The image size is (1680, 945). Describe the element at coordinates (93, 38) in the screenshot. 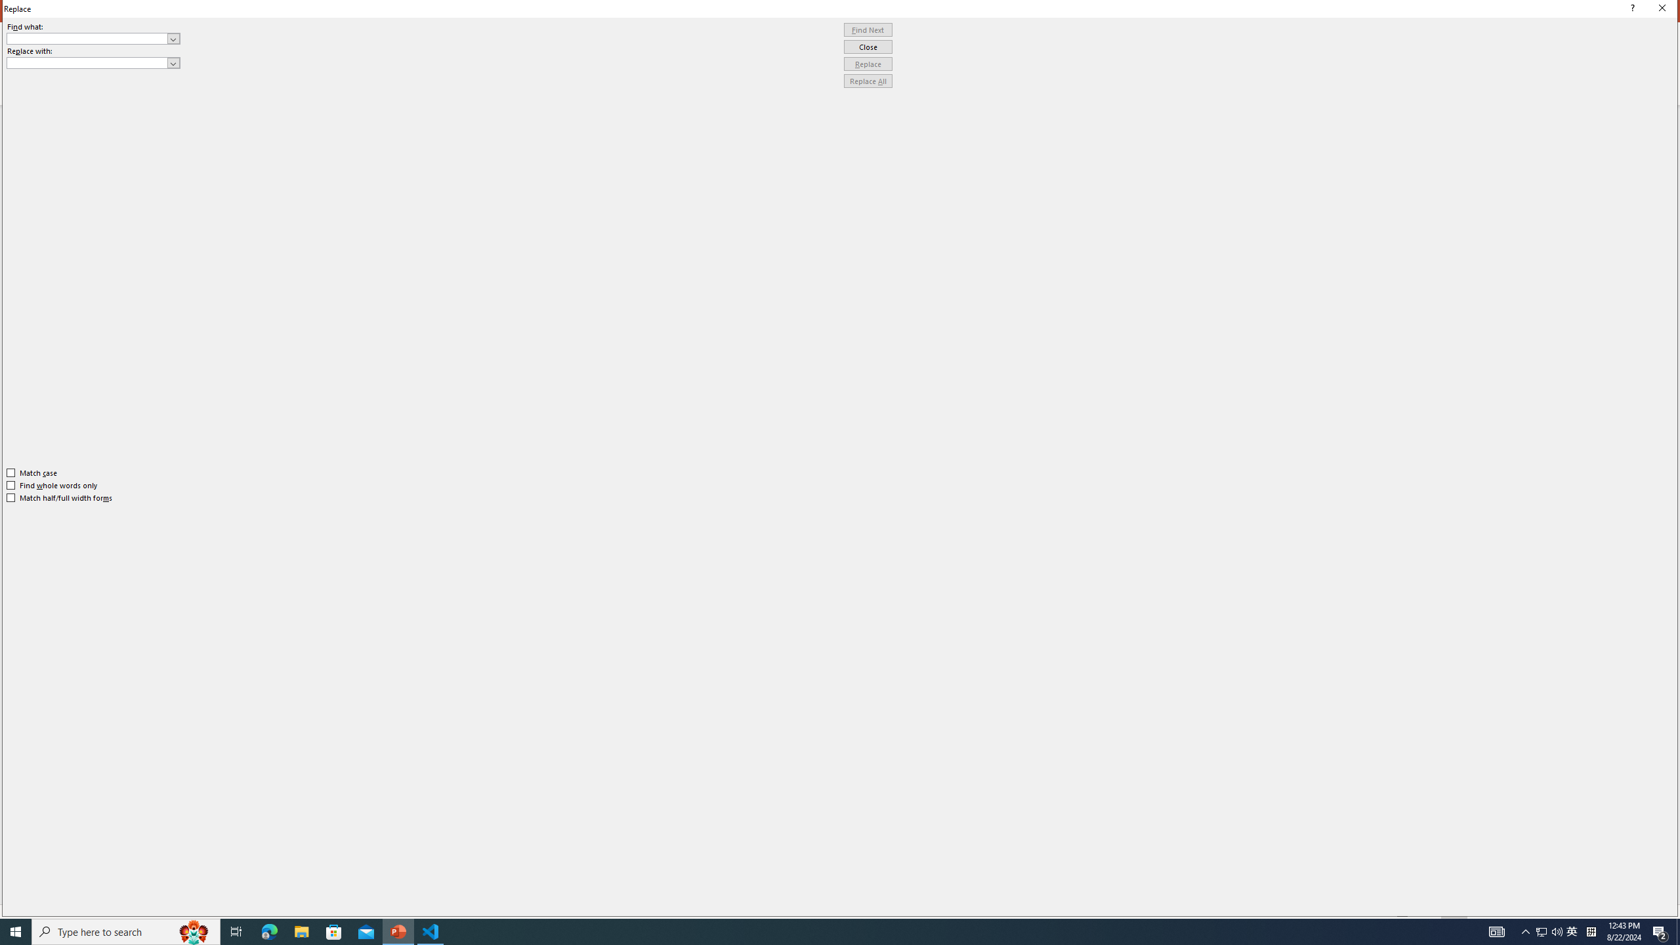

I see `'Find what'` at that location.